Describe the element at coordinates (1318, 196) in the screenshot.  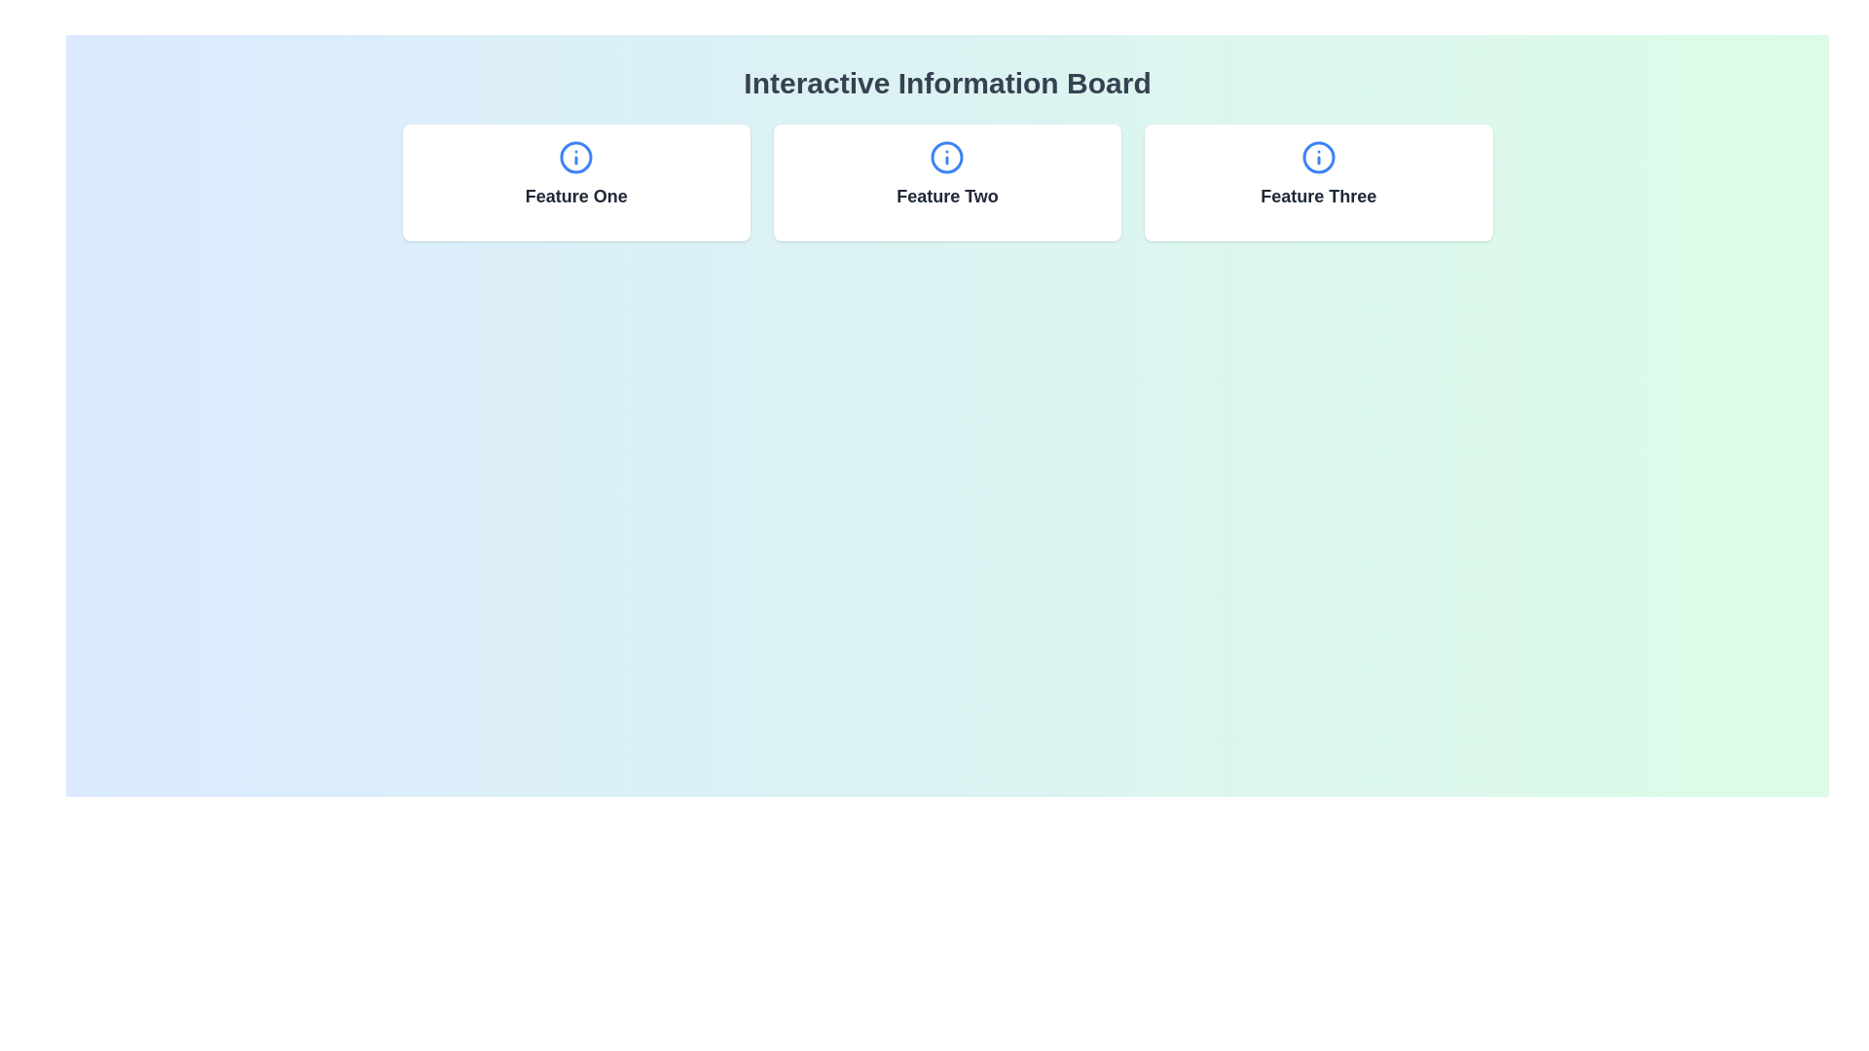
I see `the text component labeled 'Feature Three' located in the rightmost card of the grid layout` at that location.